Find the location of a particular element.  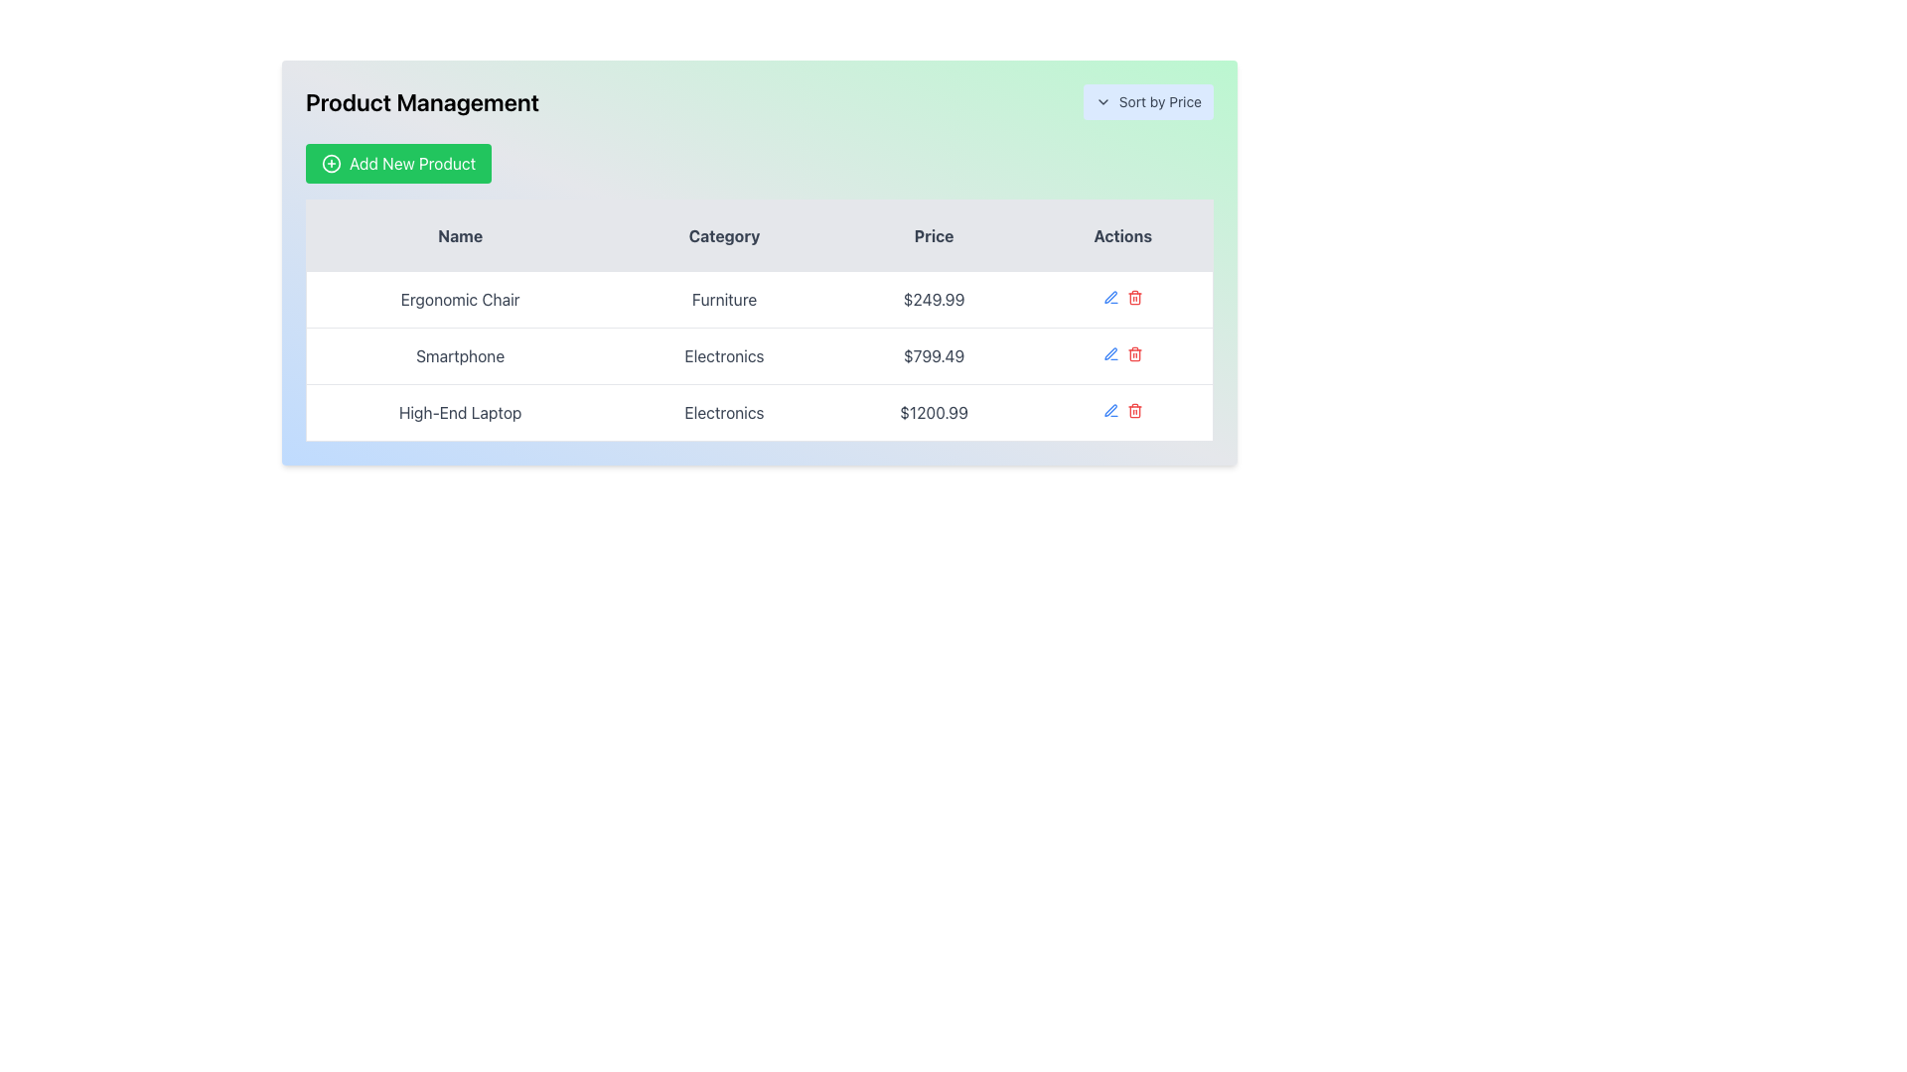

the styled text label displaying the word 'Smartphone' located in the second row of the table under the 'Name' column is located at coordinates (459, 354).